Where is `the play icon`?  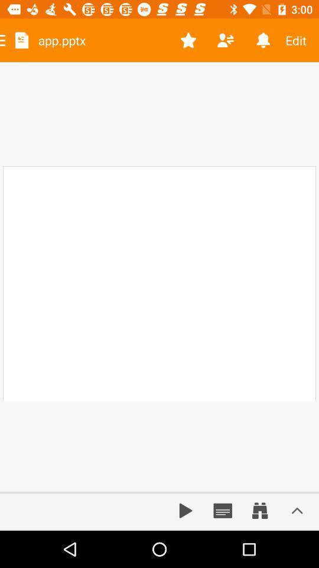
the play icon is located at coordinates (185, 510).